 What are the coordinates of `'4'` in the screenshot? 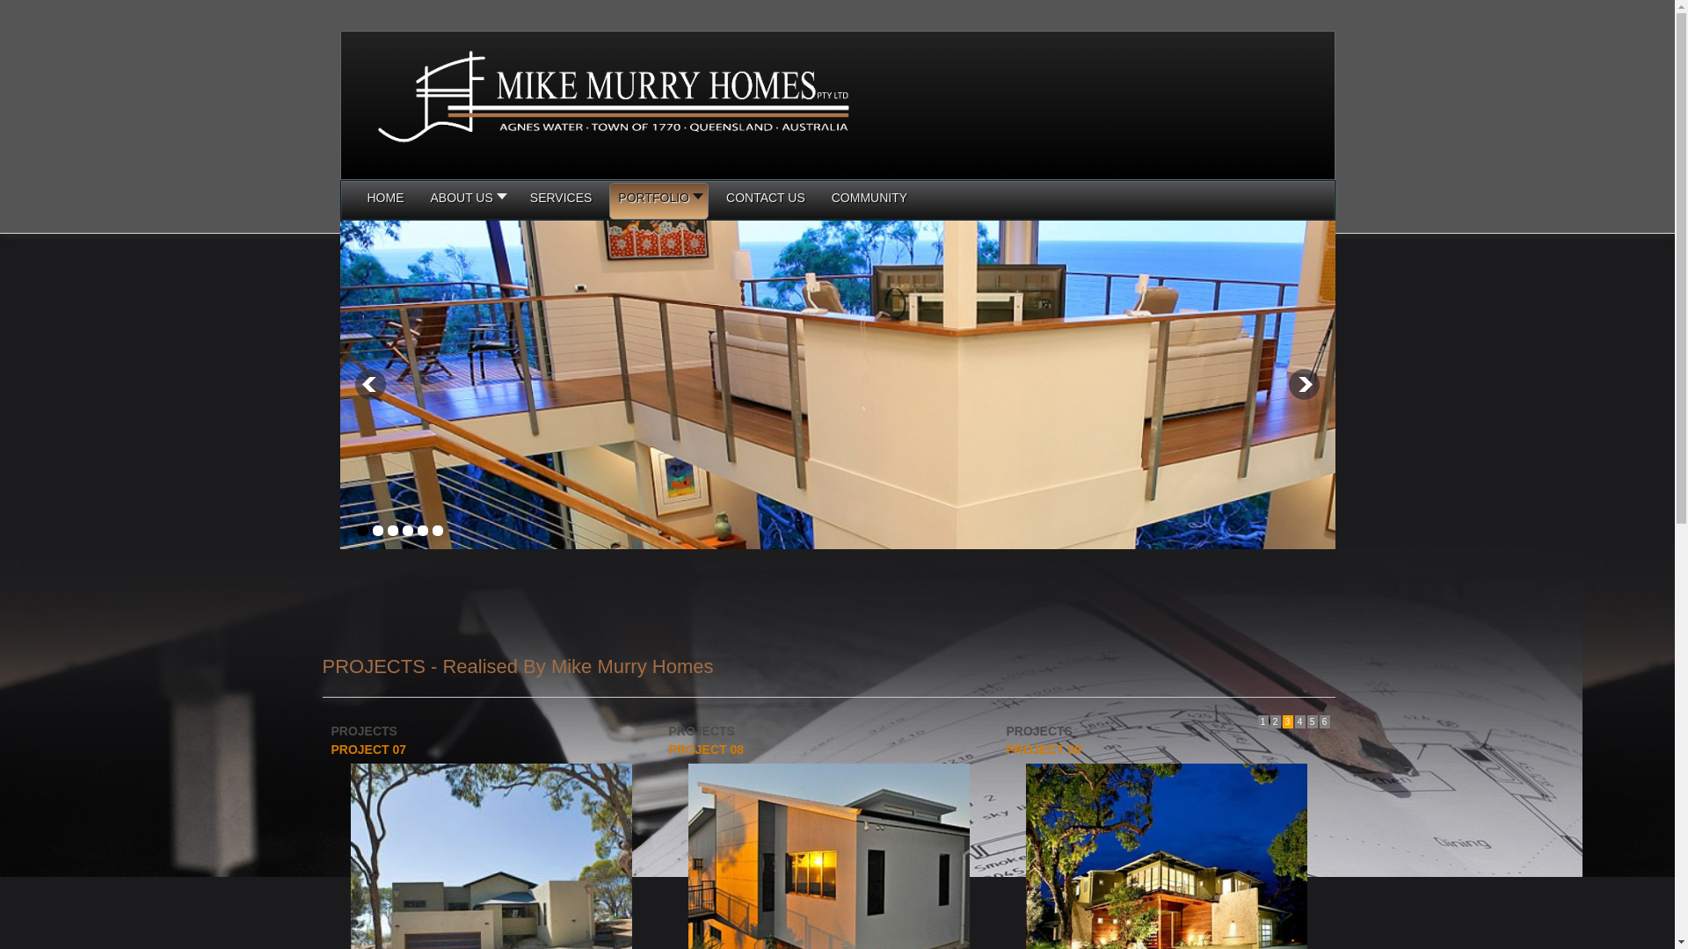 It's located at (1299, 721).